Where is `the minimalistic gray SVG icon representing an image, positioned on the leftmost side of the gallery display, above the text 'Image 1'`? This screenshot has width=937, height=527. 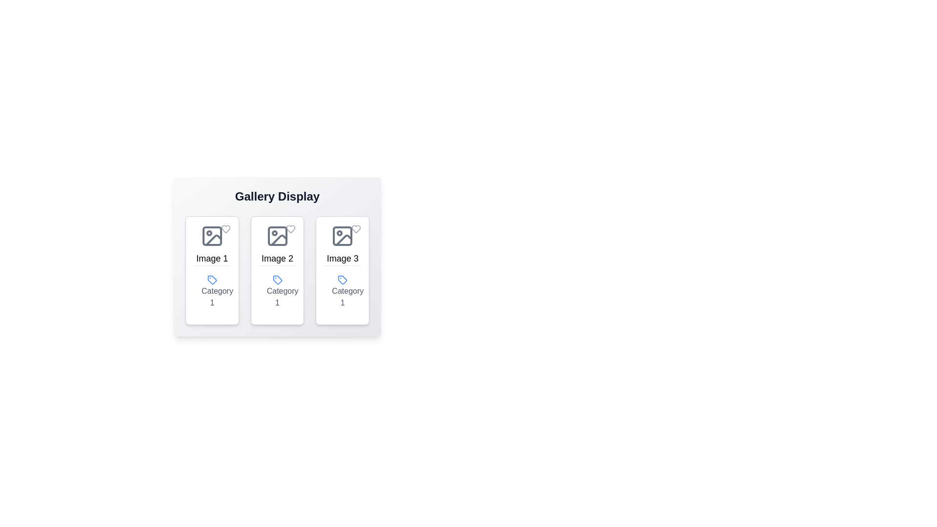
the minimalistic gray SVG icon representing an image, positioned on the leftmost side of the gallery display, above the text 'Image 1' is located at coordinates (211, 236).